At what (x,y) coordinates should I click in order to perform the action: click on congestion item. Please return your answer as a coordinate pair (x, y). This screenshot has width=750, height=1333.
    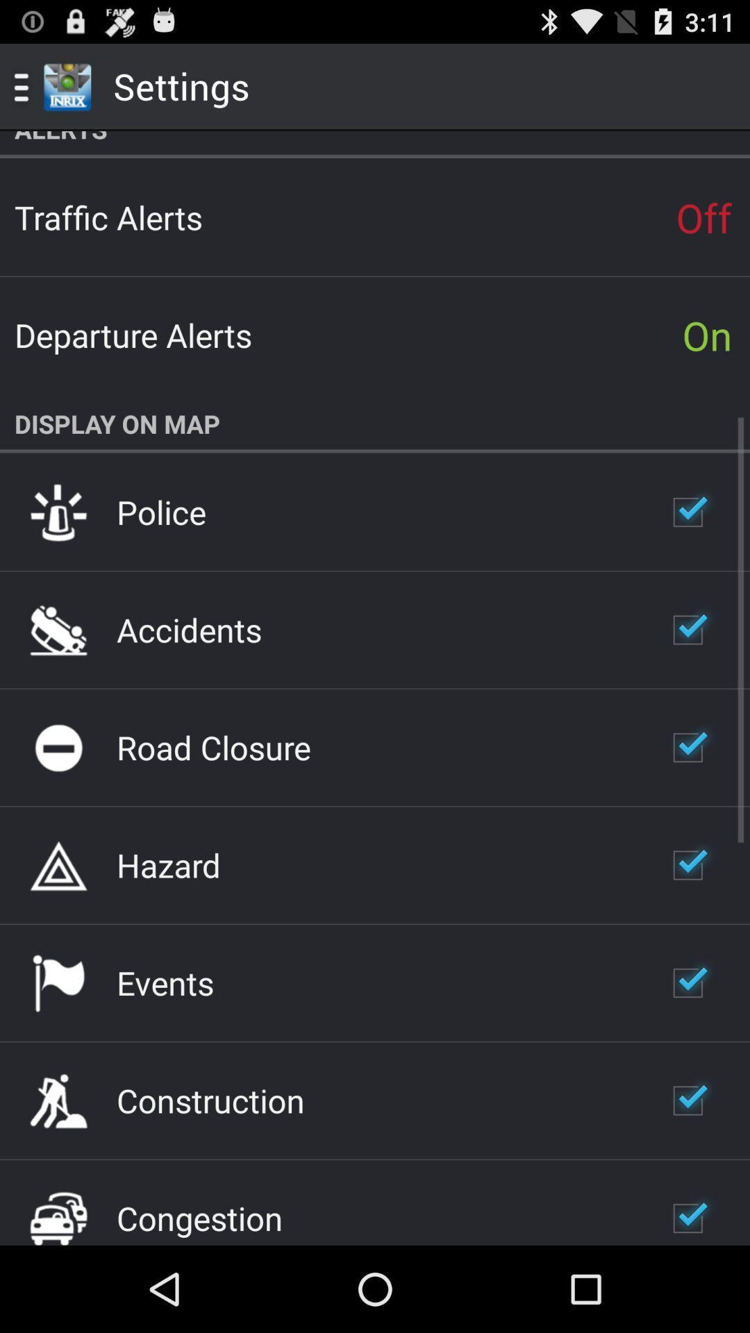
    Looking at the image, I should click on (199, 1217).